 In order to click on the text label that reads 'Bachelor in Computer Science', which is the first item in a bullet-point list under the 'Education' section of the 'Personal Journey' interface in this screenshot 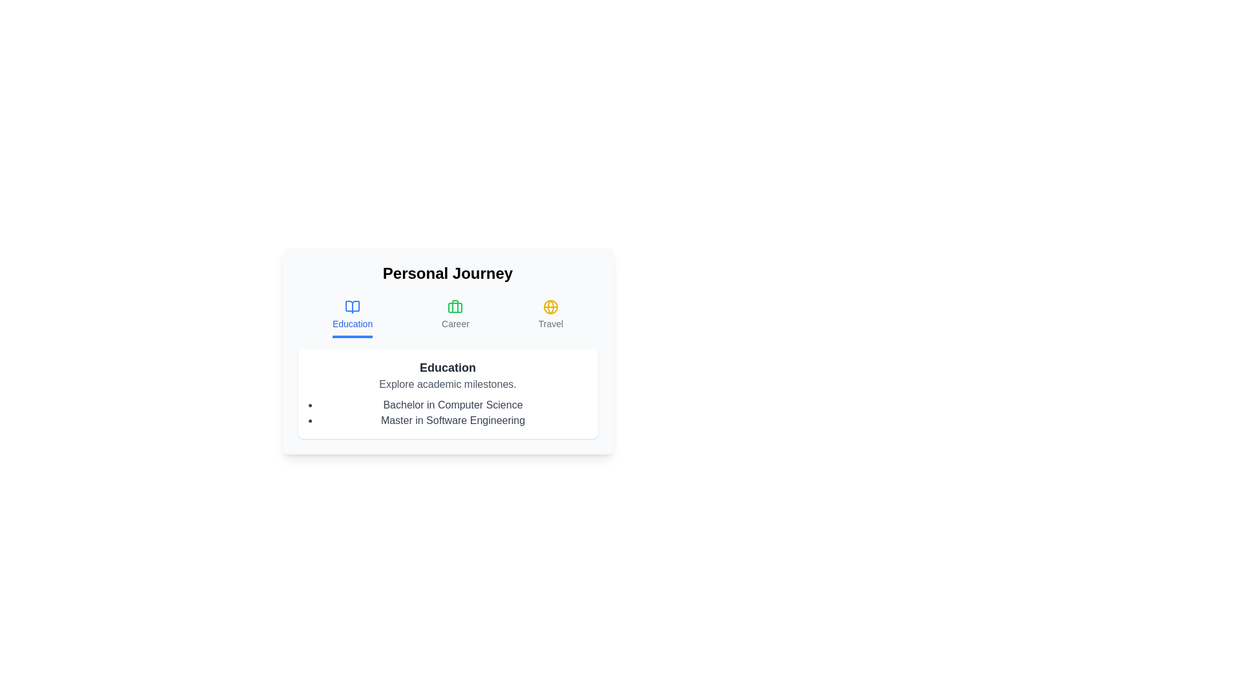, I will do `click(453, 405)`.